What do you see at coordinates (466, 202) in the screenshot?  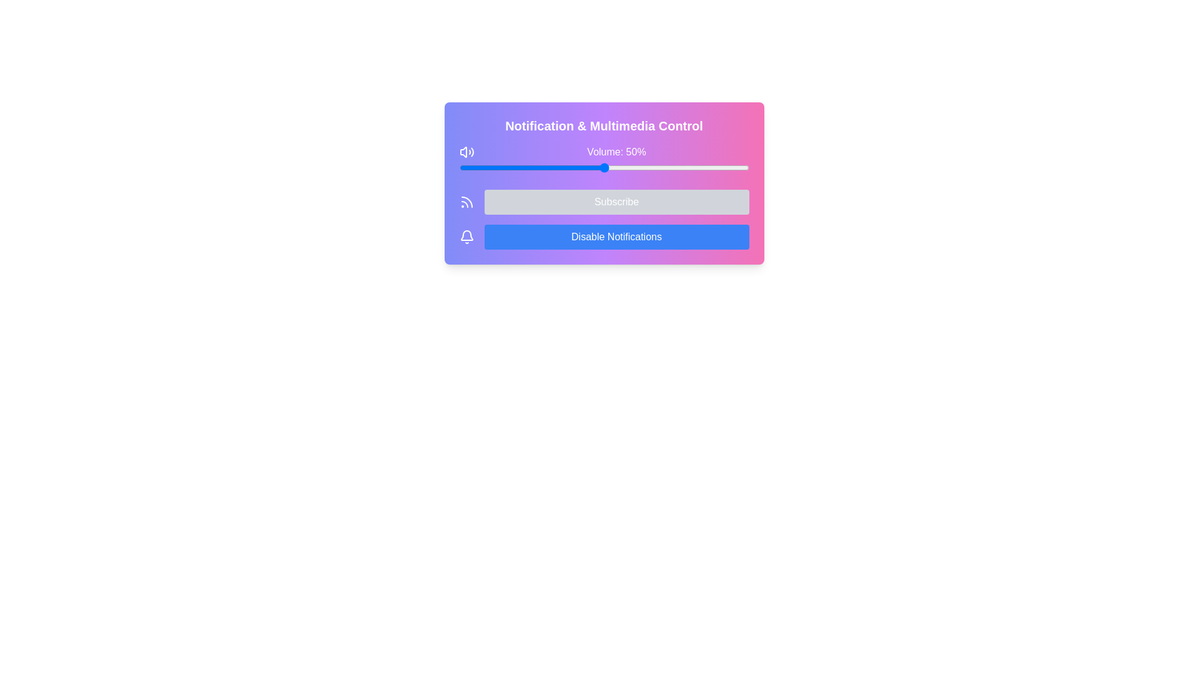 I see `the subscription icon located immediately to the left of the 'Subscribe' button` at bounding box center [466, 202].